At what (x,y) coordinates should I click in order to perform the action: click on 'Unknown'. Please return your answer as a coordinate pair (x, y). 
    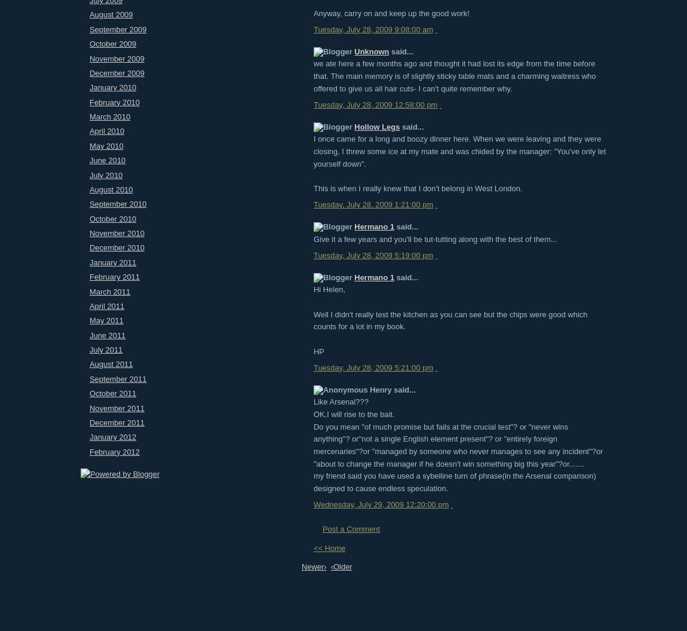
    Looking at the image, I should click on (354, 50).